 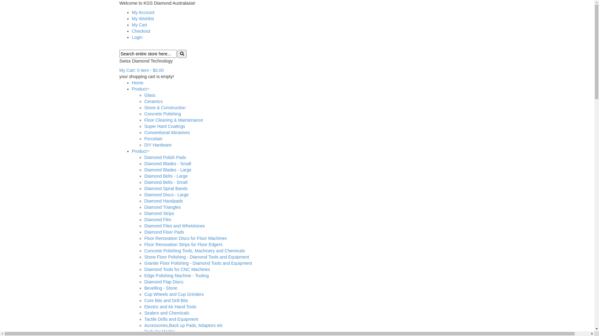 What do you see at coordinates (196, 257) in the screenshot?
I see `'Stone Floor Polishing - Diamond Tools and Equipment'` at bounding box center [196, 257].